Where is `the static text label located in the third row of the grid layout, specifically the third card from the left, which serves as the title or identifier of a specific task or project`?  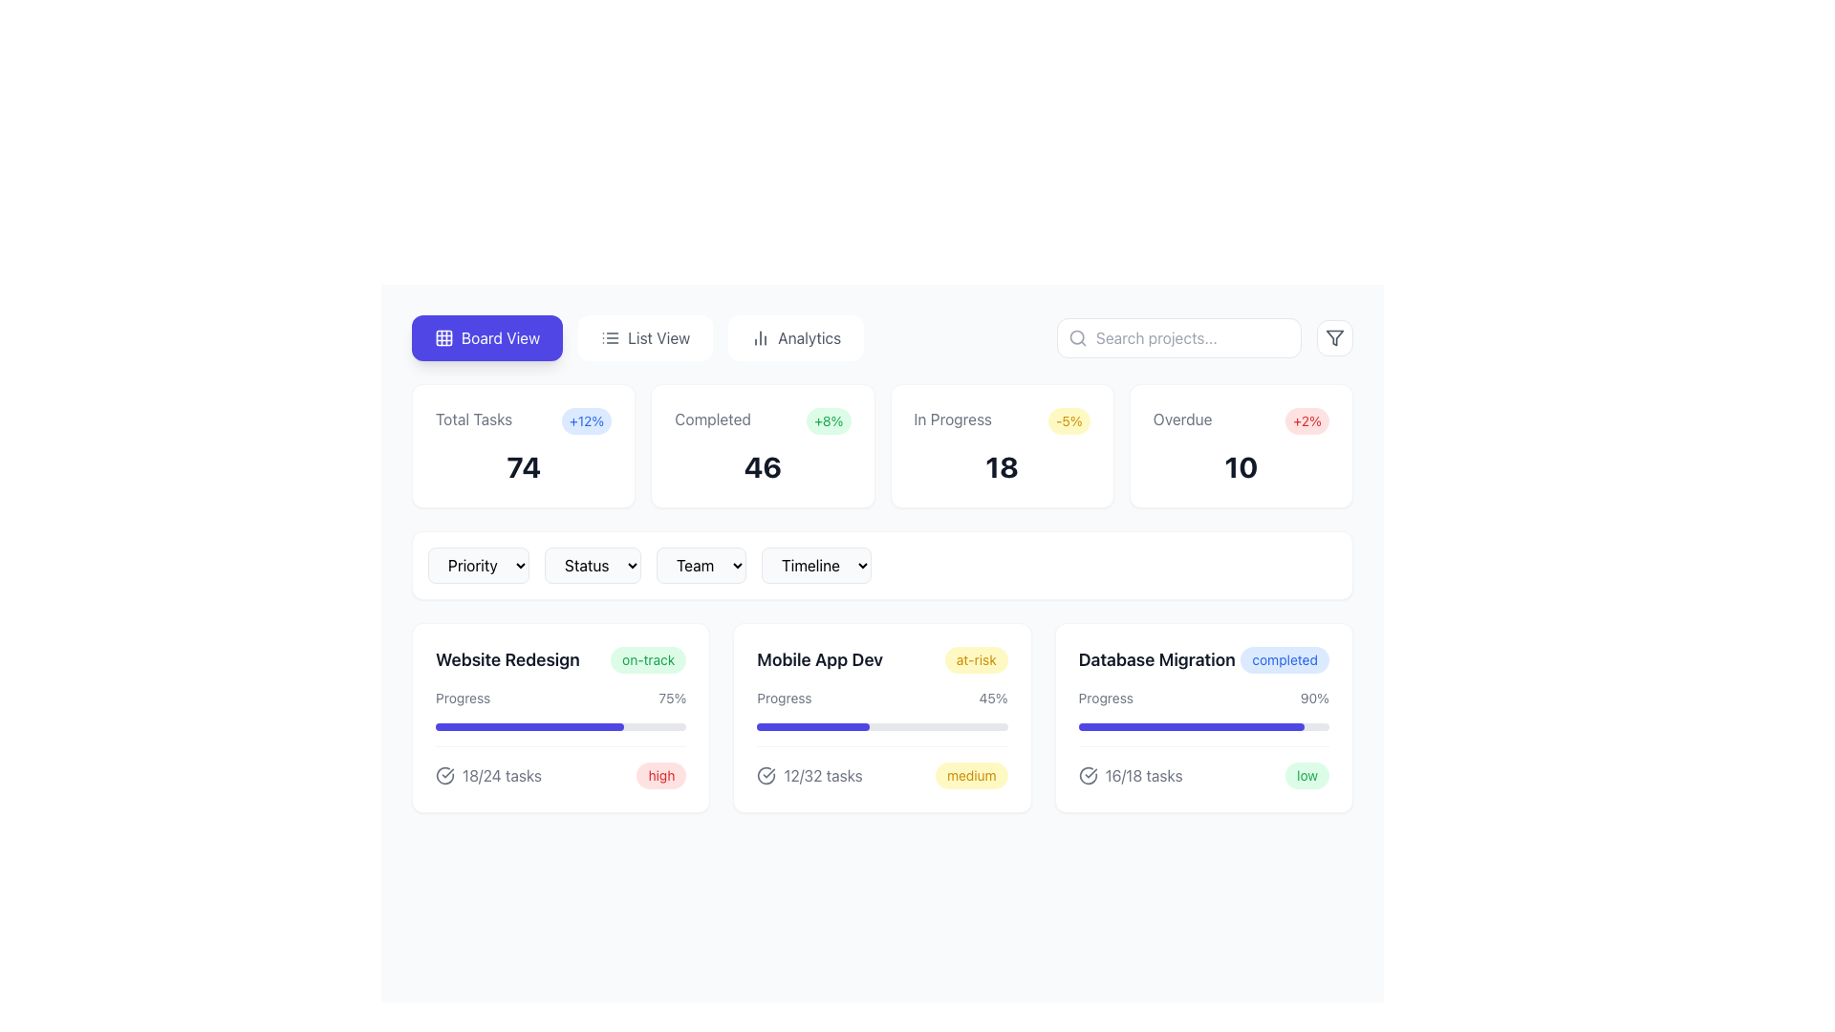 the static text label located in the third row of the grid layout, specifically the third card from the left, which serves as the title or identifier of a specific task or project is located at coordinates (1155, 658).